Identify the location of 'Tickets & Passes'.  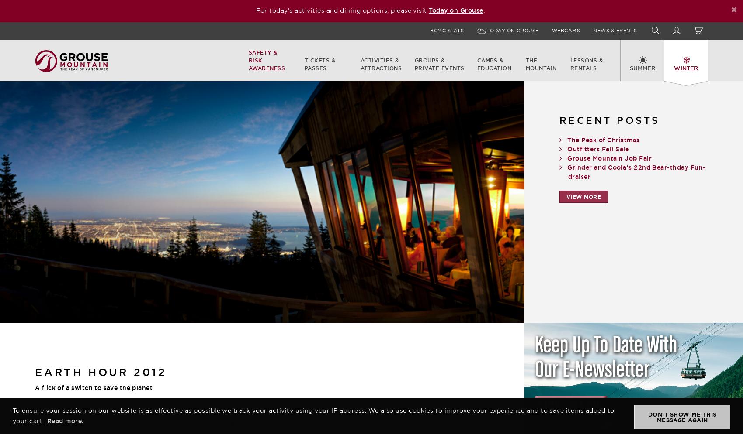
(320, 64).